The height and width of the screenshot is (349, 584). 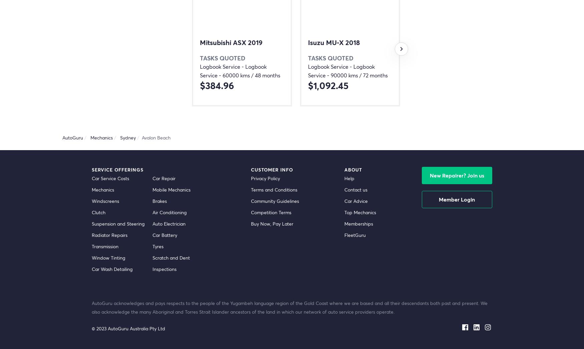 What do you see at coordinates (105, 201) in the screenshot?
I see `'Windscreens'` at bounding box center [105, 201].